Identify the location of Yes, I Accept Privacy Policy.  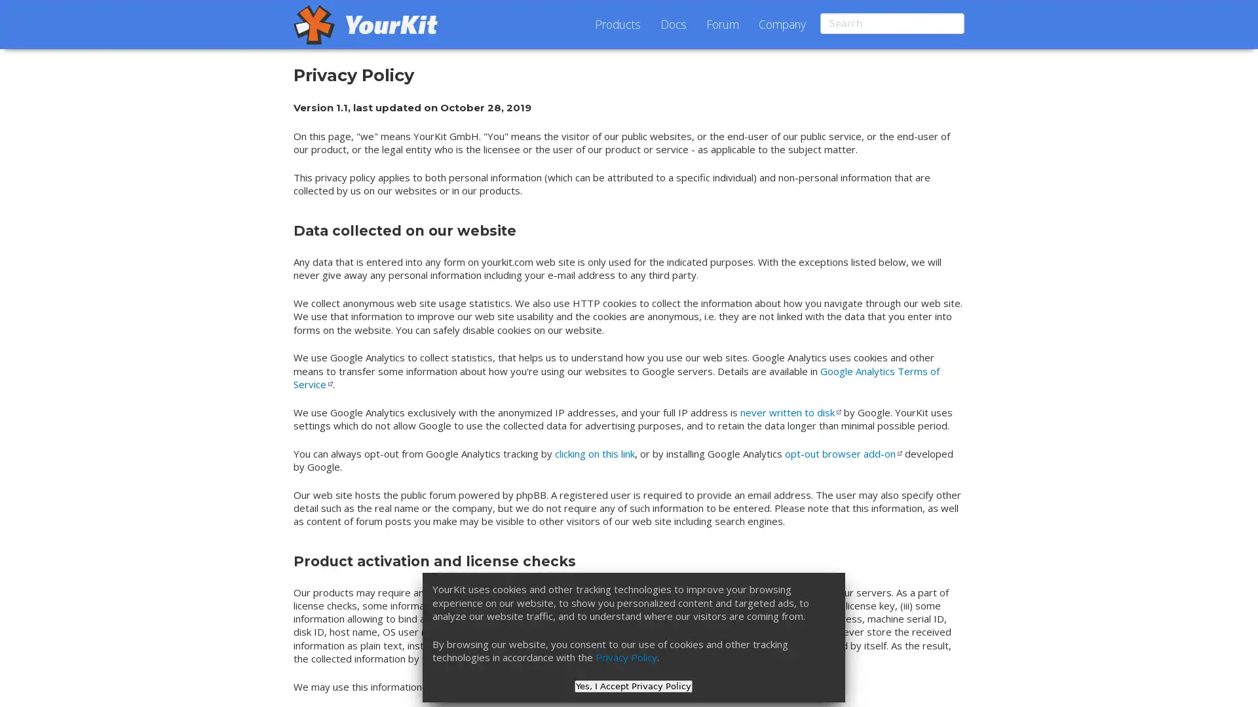
(633, 685).